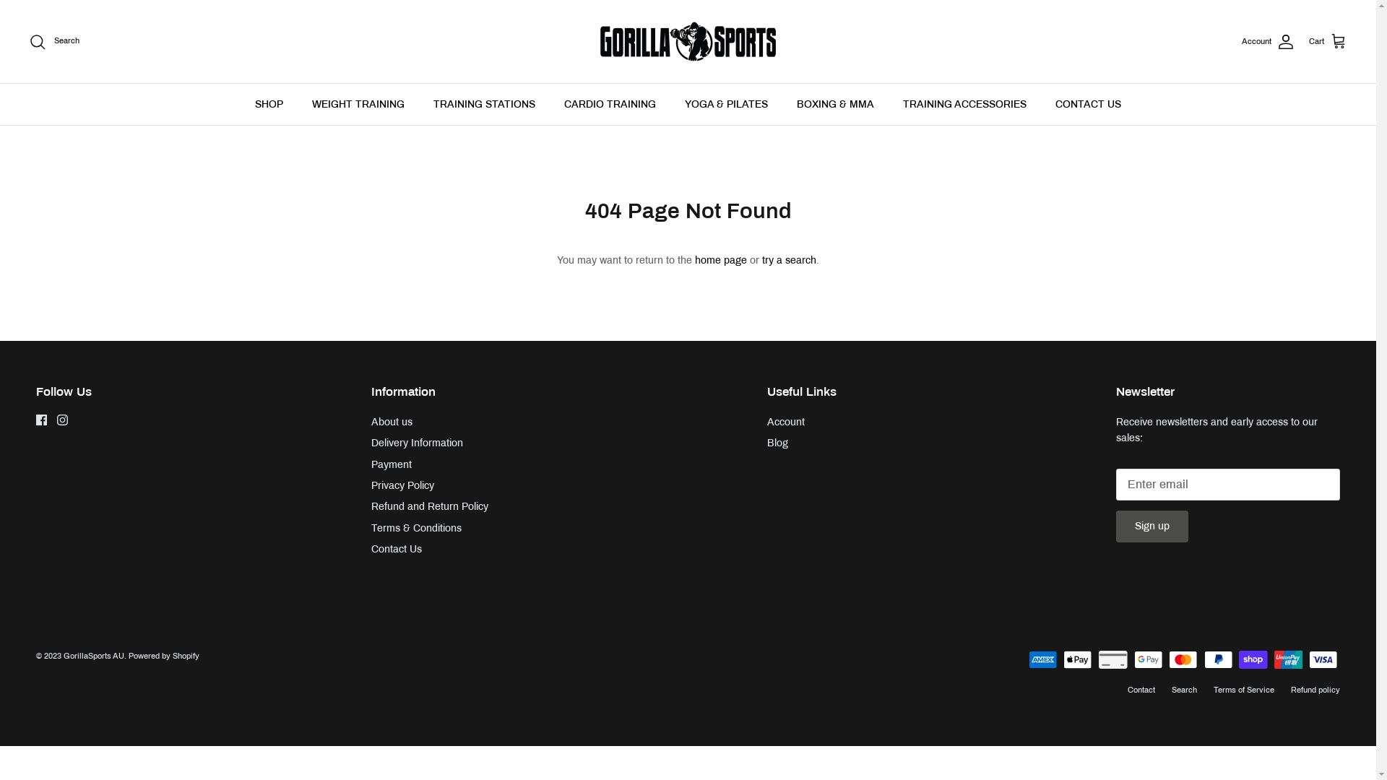  I want to click on 'Terms & Conditions', so click(371, 528).